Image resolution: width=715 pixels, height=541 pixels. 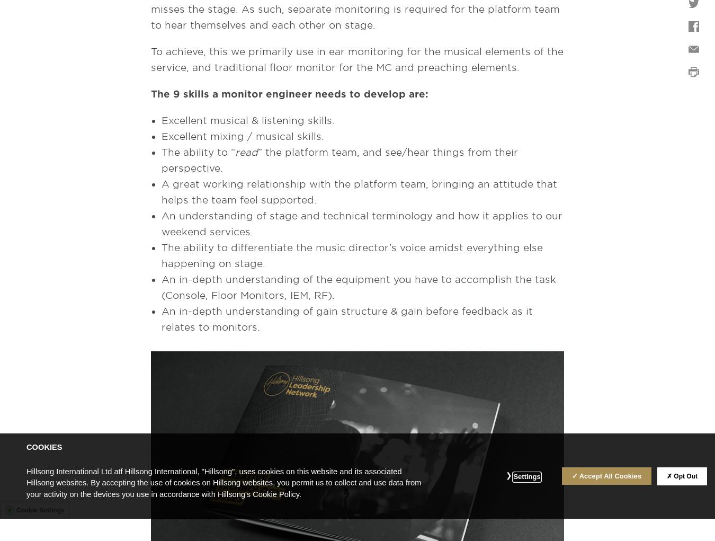 I want to click on 'Accept All Cookies', so click(x=578, y=475).